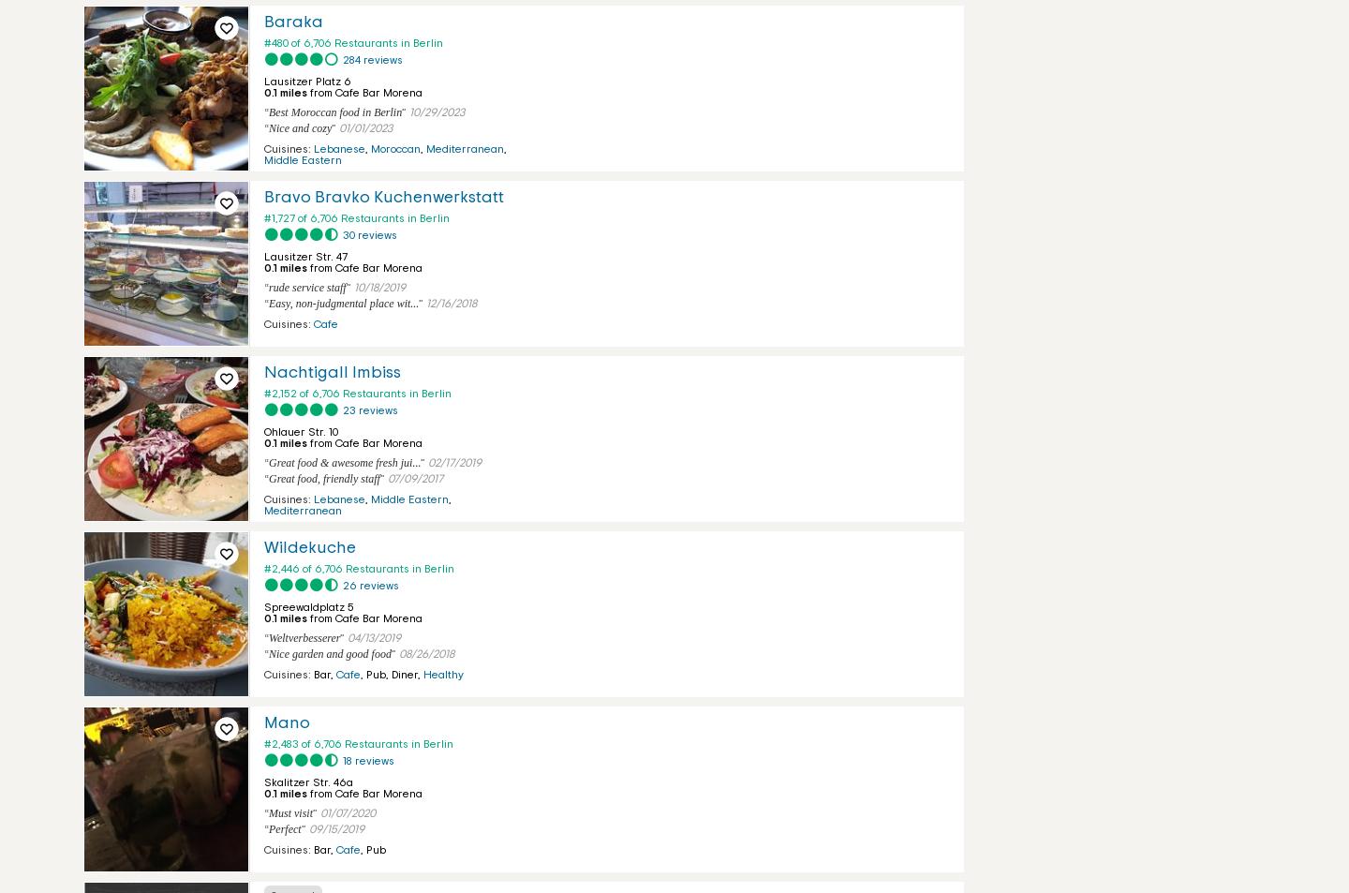  What do you see at coordinates (391, 674) in the screenshot?
I see `', Pub, Diner,'` at bounding box center [391, 674].